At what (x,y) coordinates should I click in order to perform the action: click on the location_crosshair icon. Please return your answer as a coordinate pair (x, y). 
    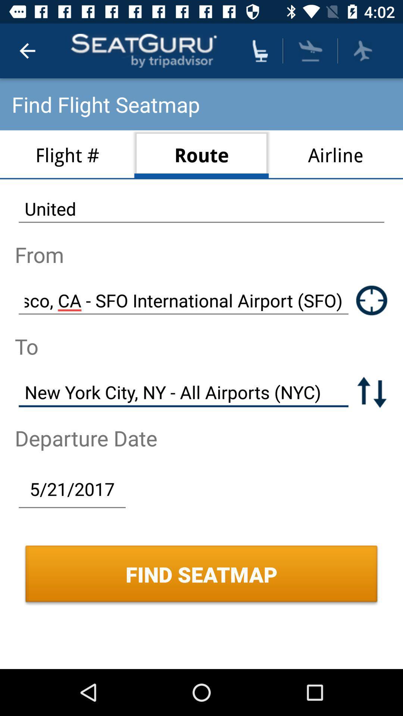
    Looking at the image, I should click on (372, 300).